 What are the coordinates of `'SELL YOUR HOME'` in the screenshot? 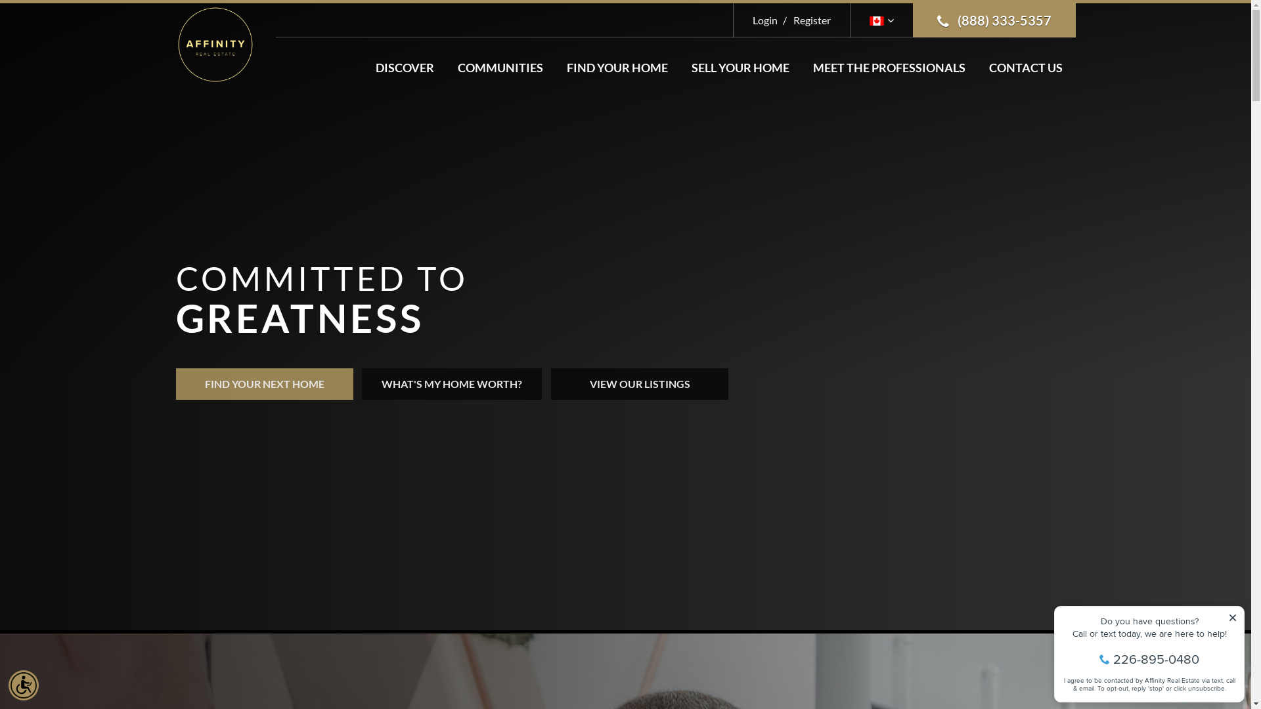 It's located at (740, 68).